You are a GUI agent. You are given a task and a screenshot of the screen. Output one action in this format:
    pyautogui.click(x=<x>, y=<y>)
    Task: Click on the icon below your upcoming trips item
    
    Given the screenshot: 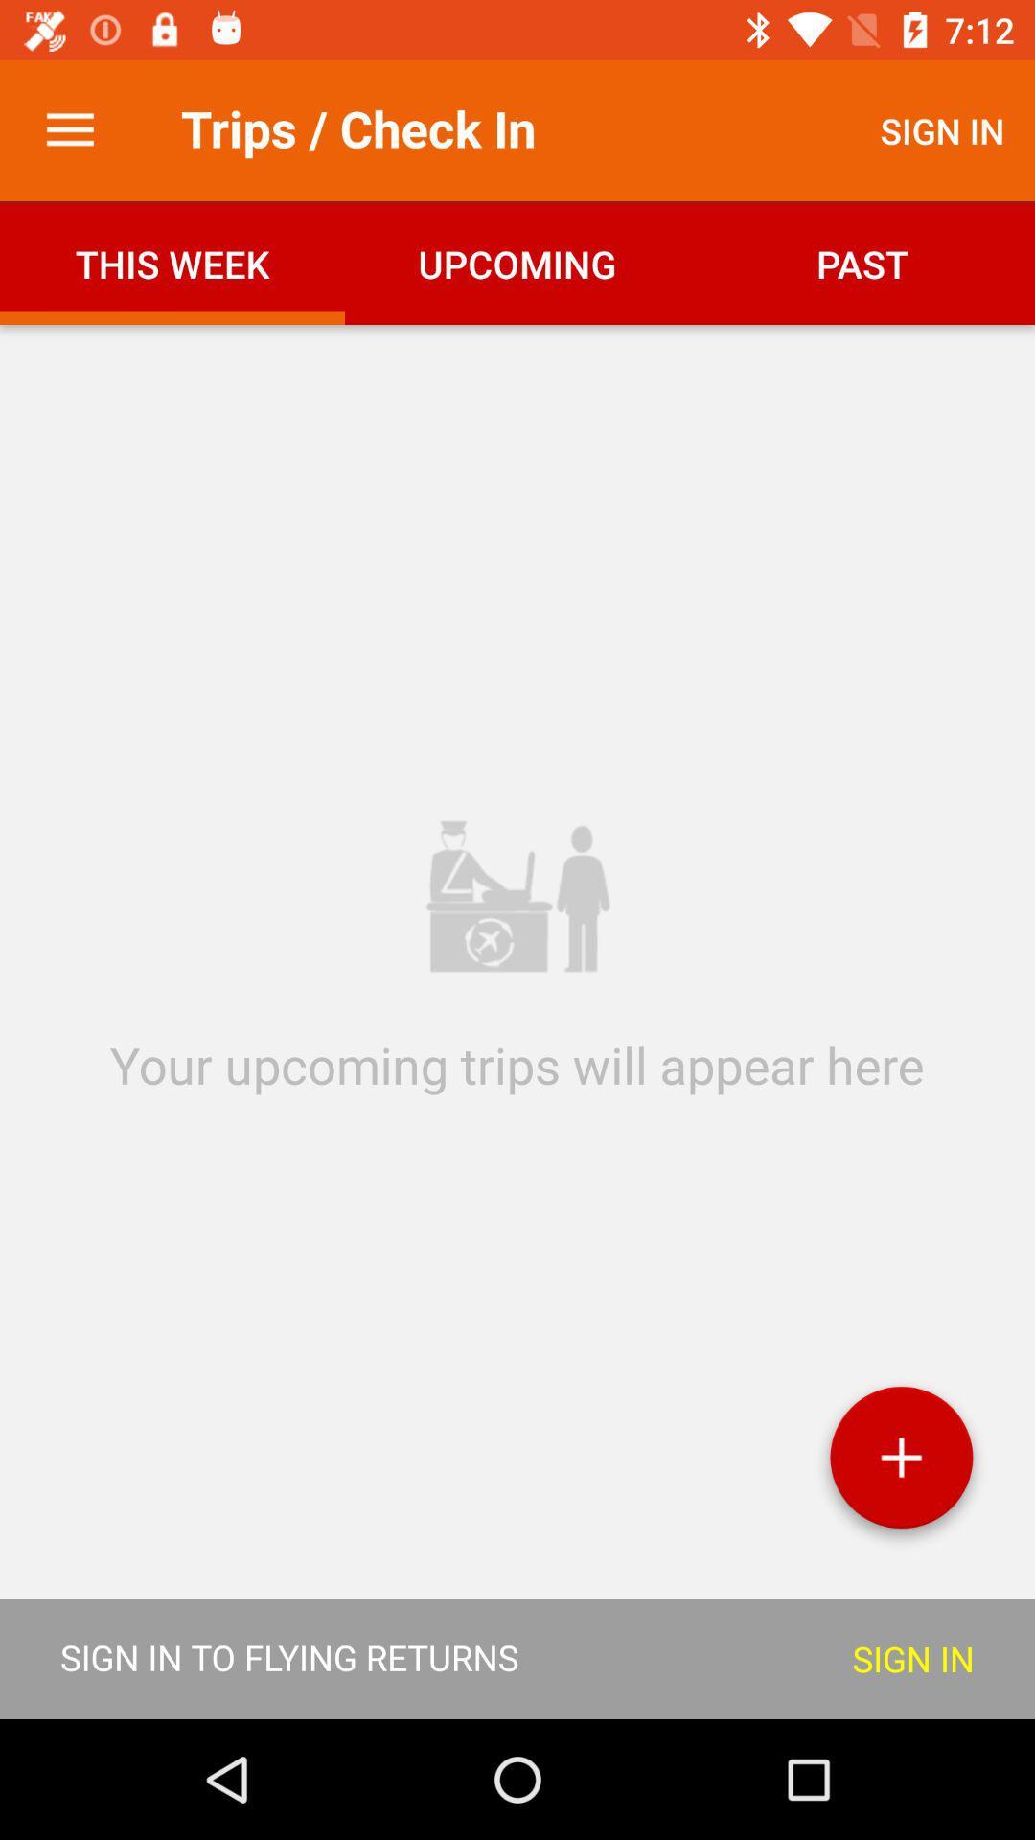 What is the action you would take?
    pyautogui.click(x=901, y=1463)
    